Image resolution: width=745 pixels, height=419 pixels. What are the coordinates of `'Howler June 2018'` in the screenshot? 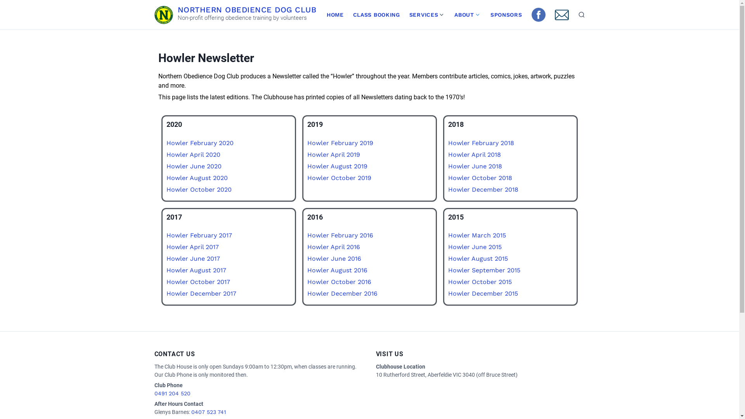 It's located at (475, 165).